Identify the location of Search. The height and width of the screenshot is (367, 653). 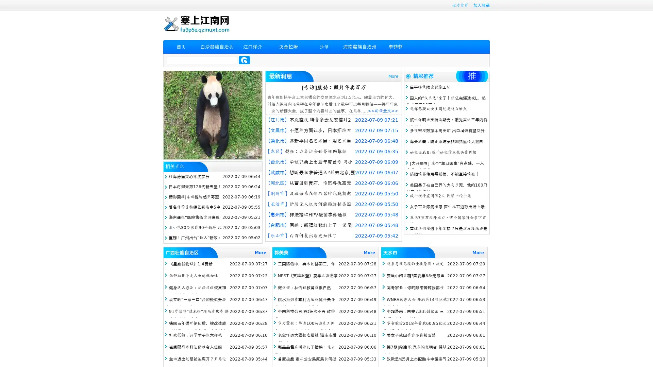
(244, 60).